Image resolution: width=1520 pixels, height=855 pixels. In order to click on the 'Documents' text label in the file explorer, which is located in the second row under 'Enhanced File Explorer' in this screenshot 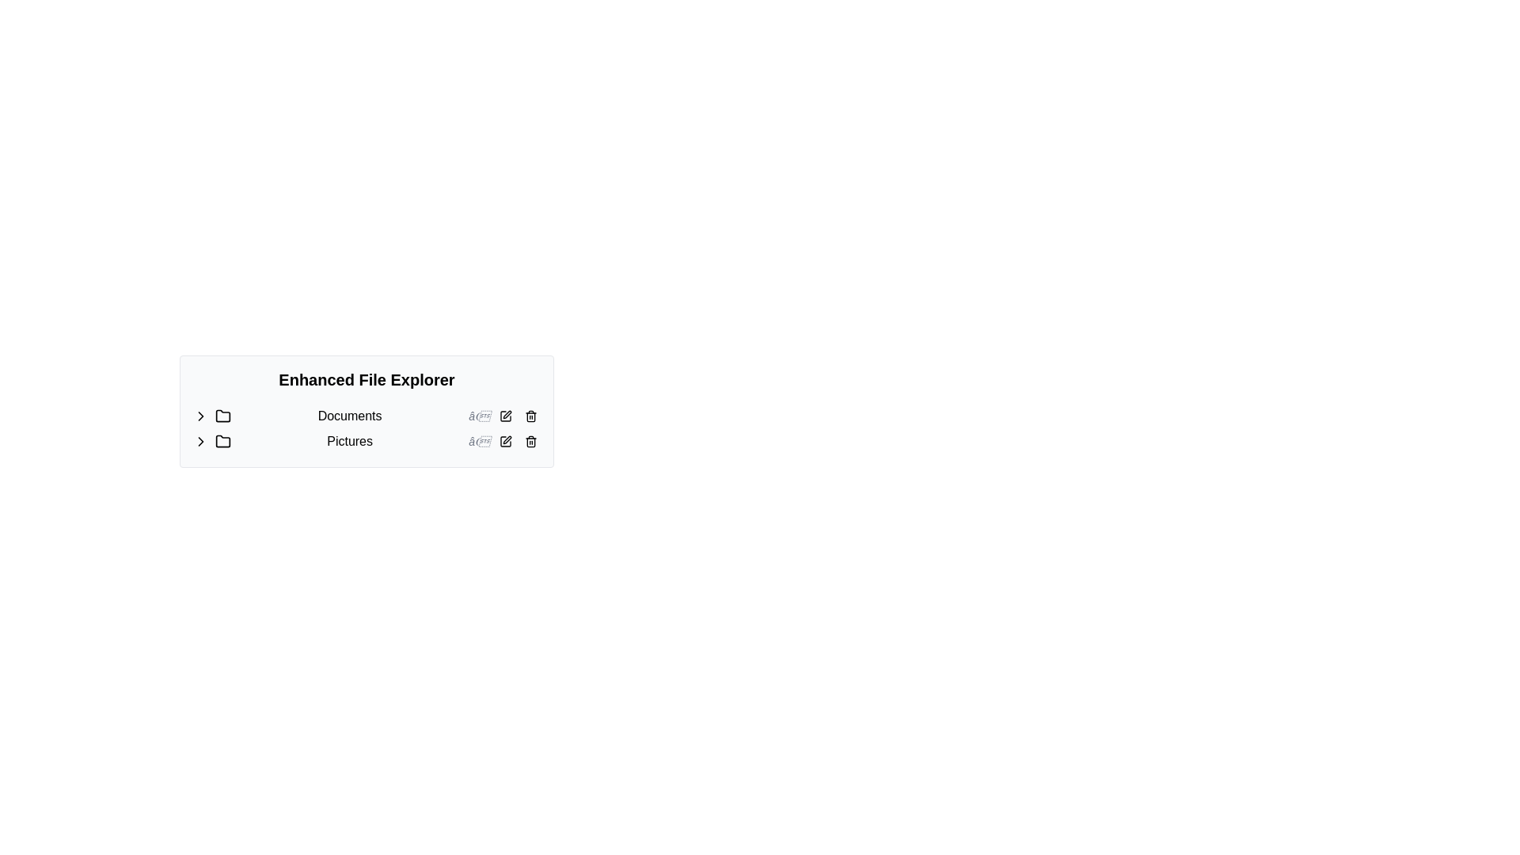, I will do `click(366, 415)`.